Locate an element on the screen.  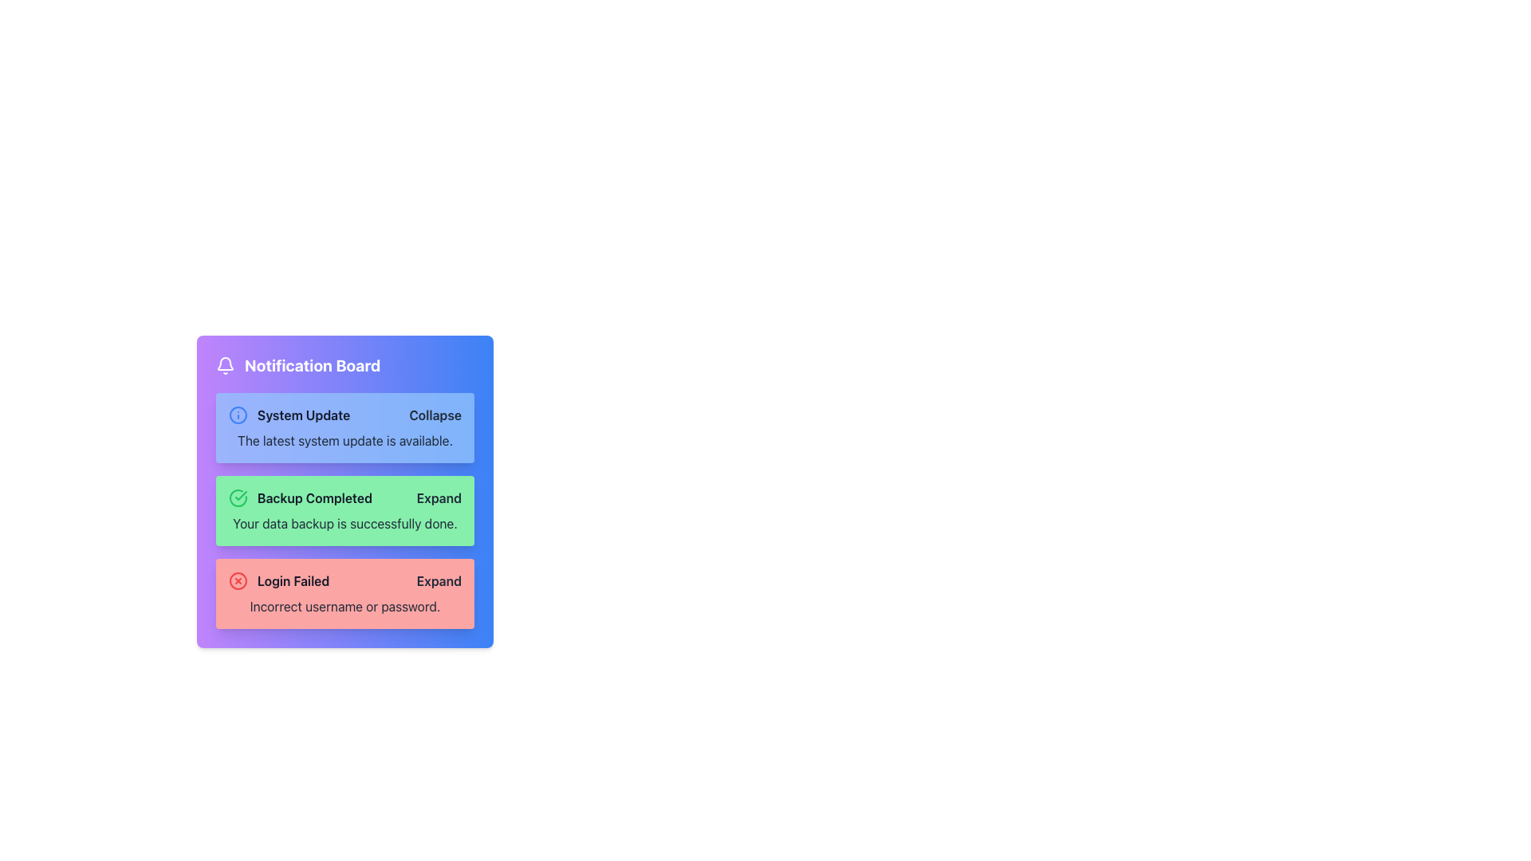
the 'Backup Completed' text label, which is styled in bold text and located within a green notification card, positioned between a green checkmark icon and an 'Expand' button is located at coordinates (314, 497).